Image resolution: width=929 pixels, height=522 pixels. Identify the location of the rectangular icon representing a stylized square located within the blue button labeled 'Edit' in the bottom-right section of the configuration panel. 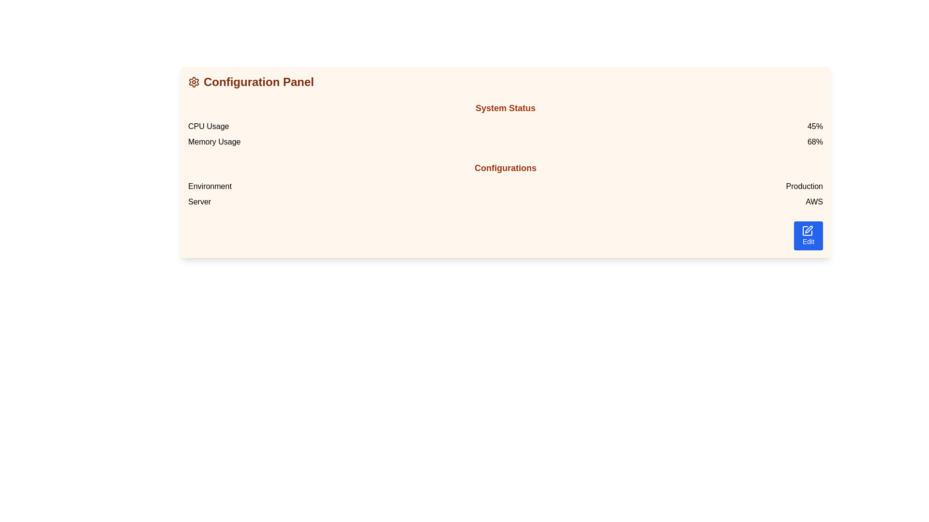
(808, 231).